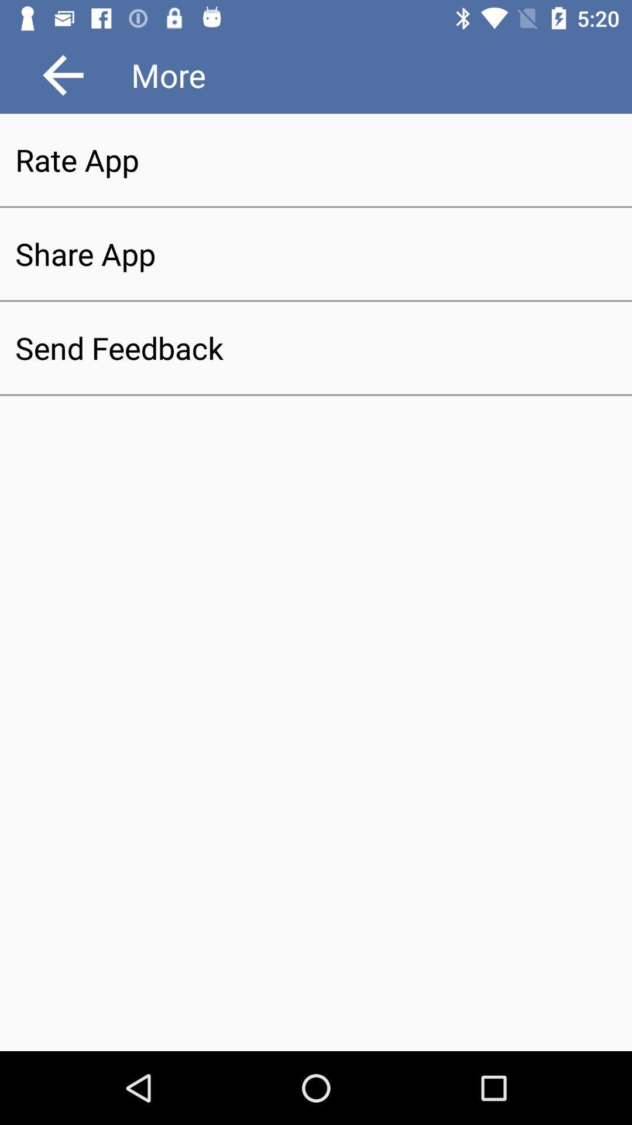 This screenshot has height=1125, width=632. I want to click on the rate app, so click(316, 159).